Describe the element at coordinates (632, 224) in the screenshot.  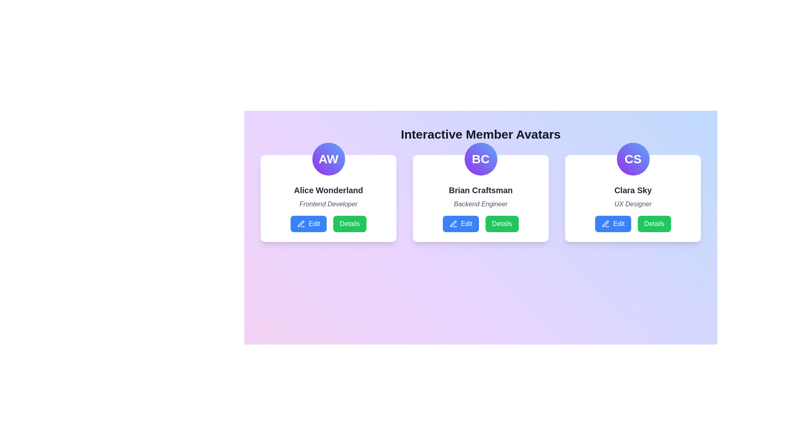
I see `the 'Details' button in the Interactive Button Group located at the bottom of Clara Sky's profile card` at that location.